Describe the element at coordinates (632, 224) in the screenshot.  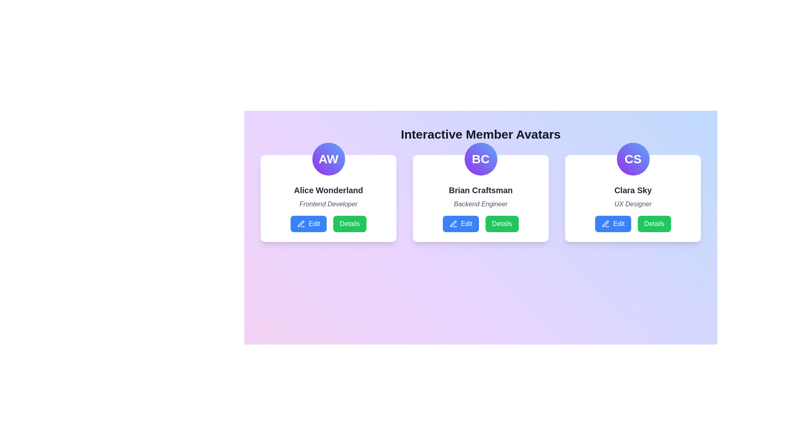
I see `the 'Details' button in the Interactive Button Group located at the bottom of Clara Sky's profile card` at that location.